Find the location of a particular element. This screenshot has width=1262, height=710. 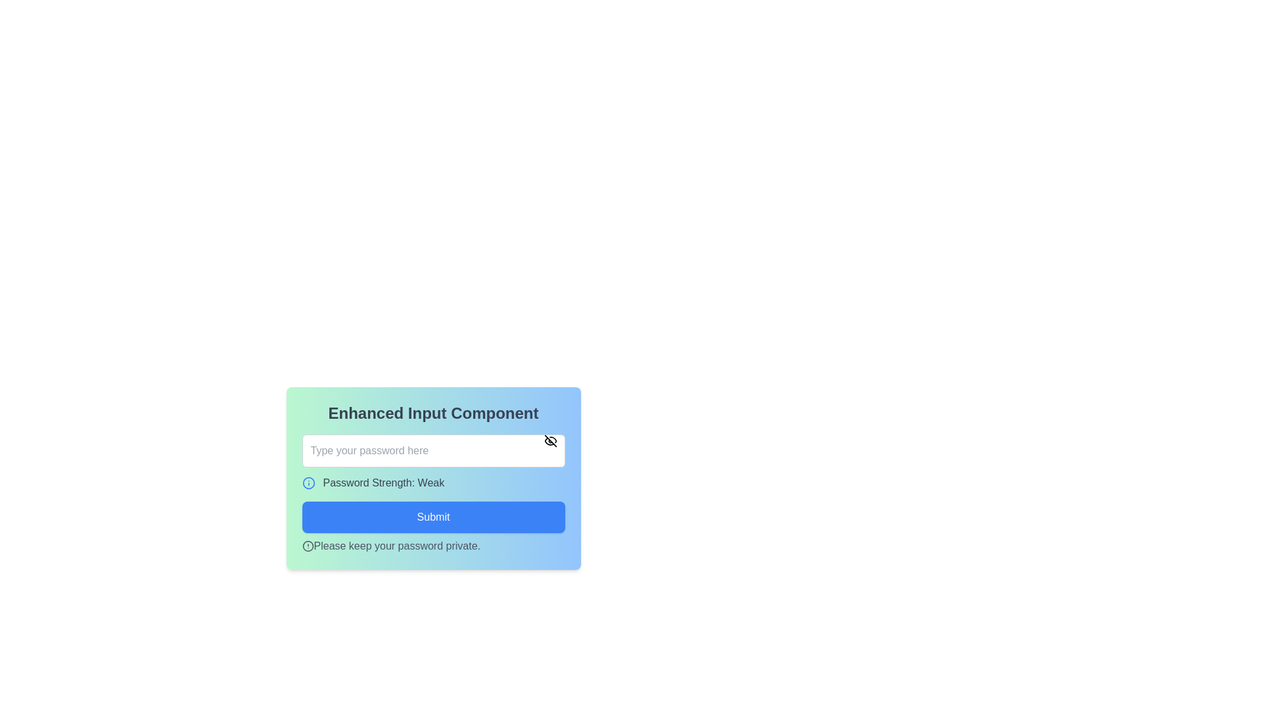

the 'Submit' button, which is a rectangular button with a blue background and white text, located in the lower center region of the form interface is located at coordinates (433, 516).